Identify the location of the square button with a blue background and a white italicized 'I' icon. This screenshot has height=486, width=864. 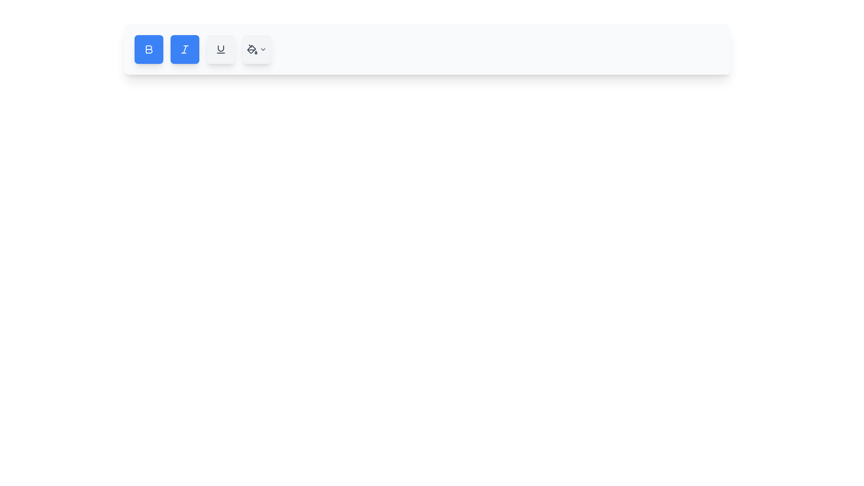
(184, 49).